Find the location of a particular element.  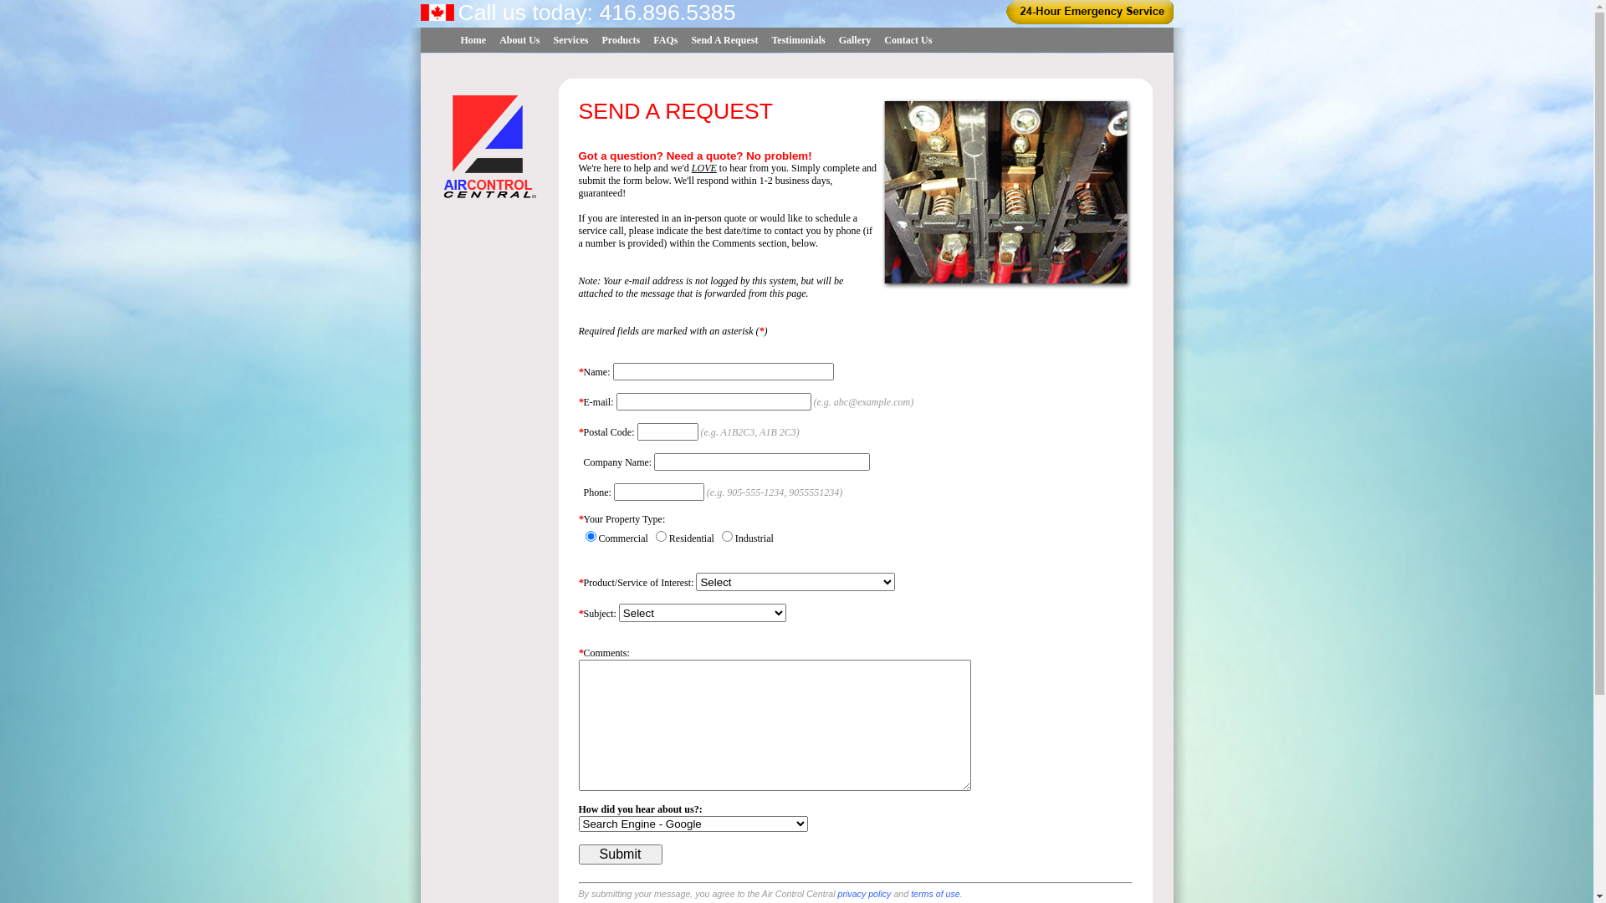

'Contact Us' is located at coordinates (877, 39).